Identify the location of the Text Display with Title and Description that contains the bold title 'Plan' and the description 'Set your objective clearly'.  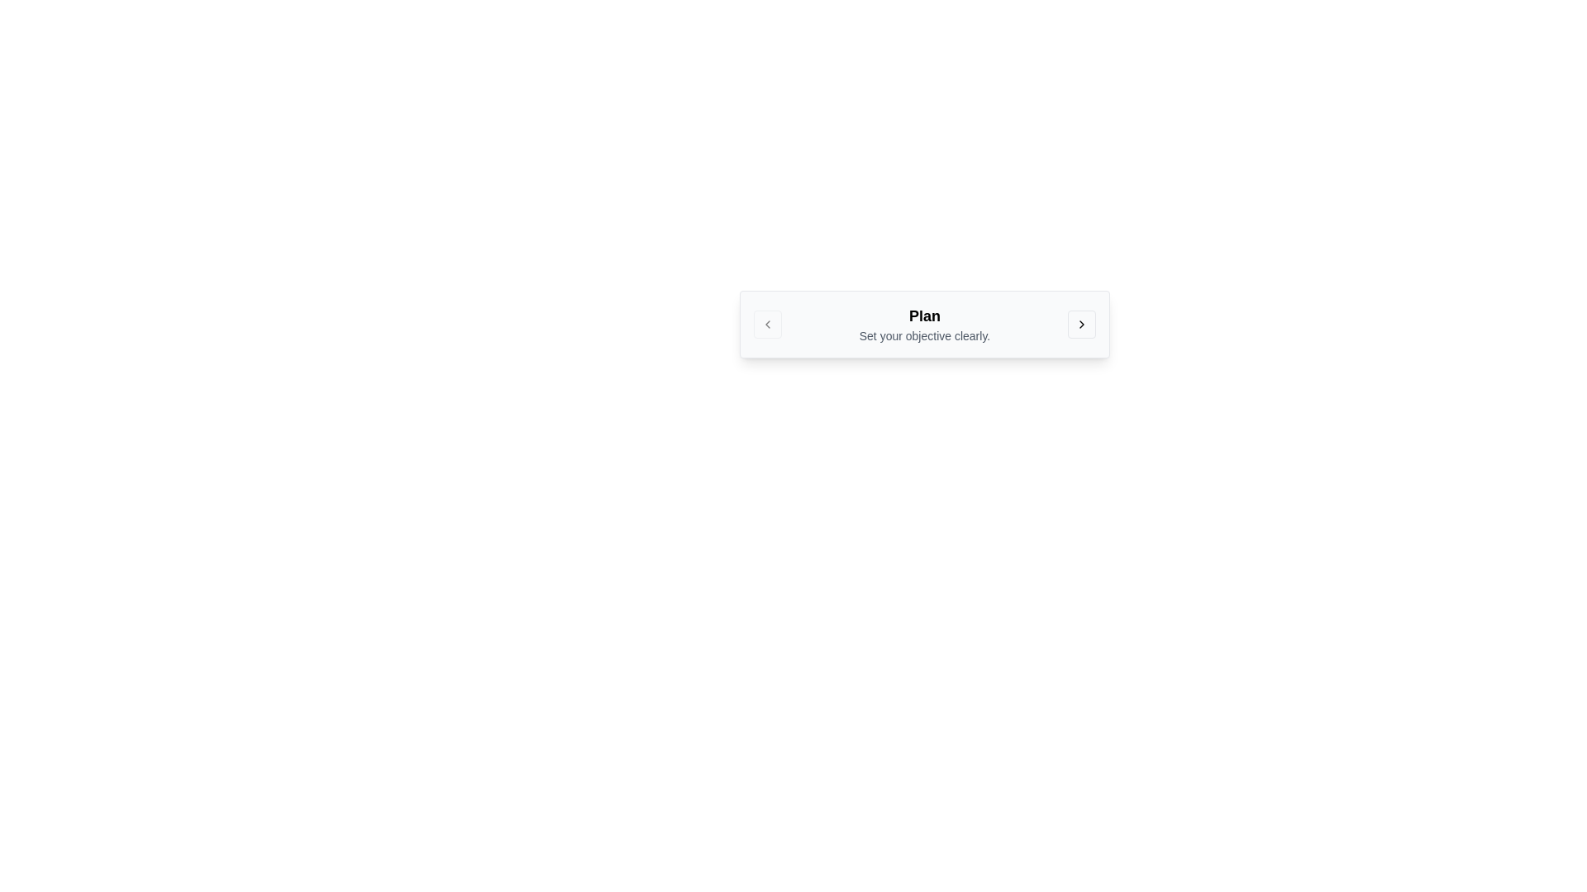
(923, 325).